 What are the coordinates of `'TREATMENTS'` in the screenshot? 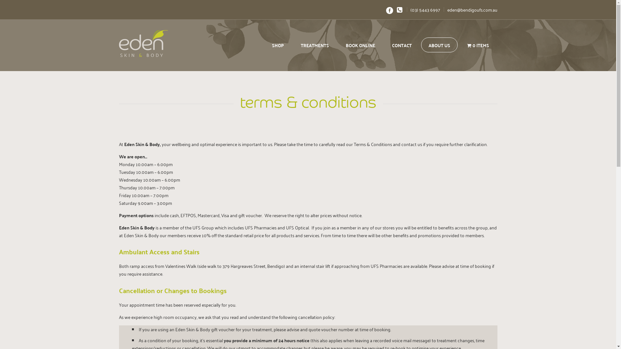 It's located at (293, 44).